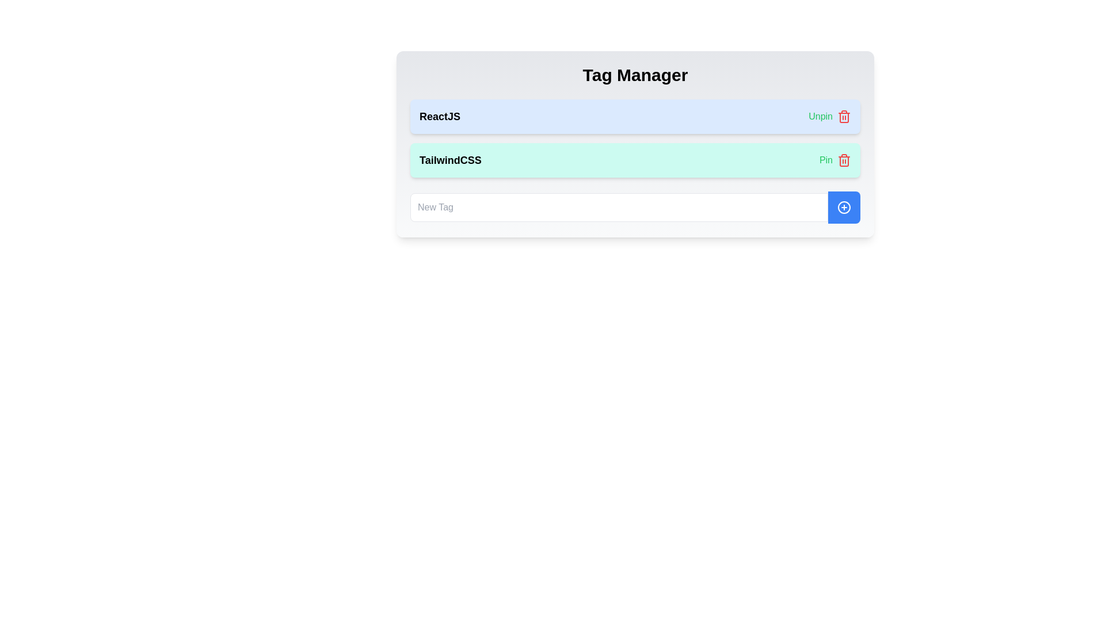 The height and width of the screenshot is (621, 1105). What do you see at coordinates (449, 160) in the screenshot?
I see `text label displaying 'TailwindCSS' which is prominently styled in bold and larger font, located within a horizontally aligned group with a light teal background` at bounding box center [449, 160].